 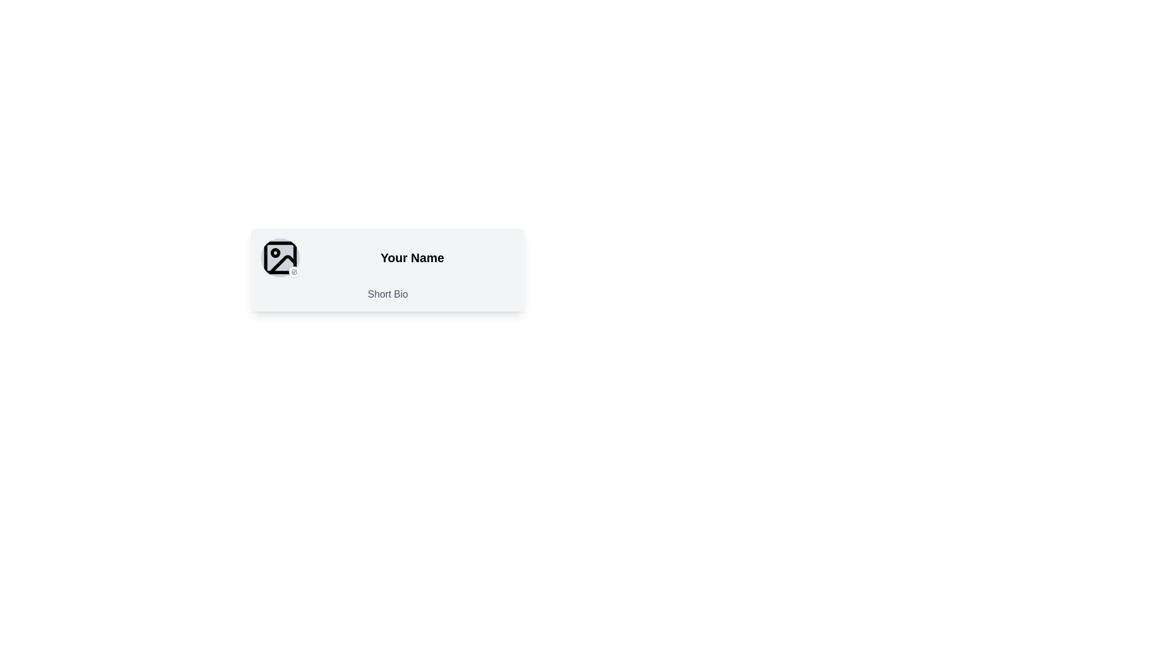 What do you see at coordinates (294, 271) in the screenshot?
I see `the button located at the bottom-right edge of the profile picture` at bounding box center [294, 271].